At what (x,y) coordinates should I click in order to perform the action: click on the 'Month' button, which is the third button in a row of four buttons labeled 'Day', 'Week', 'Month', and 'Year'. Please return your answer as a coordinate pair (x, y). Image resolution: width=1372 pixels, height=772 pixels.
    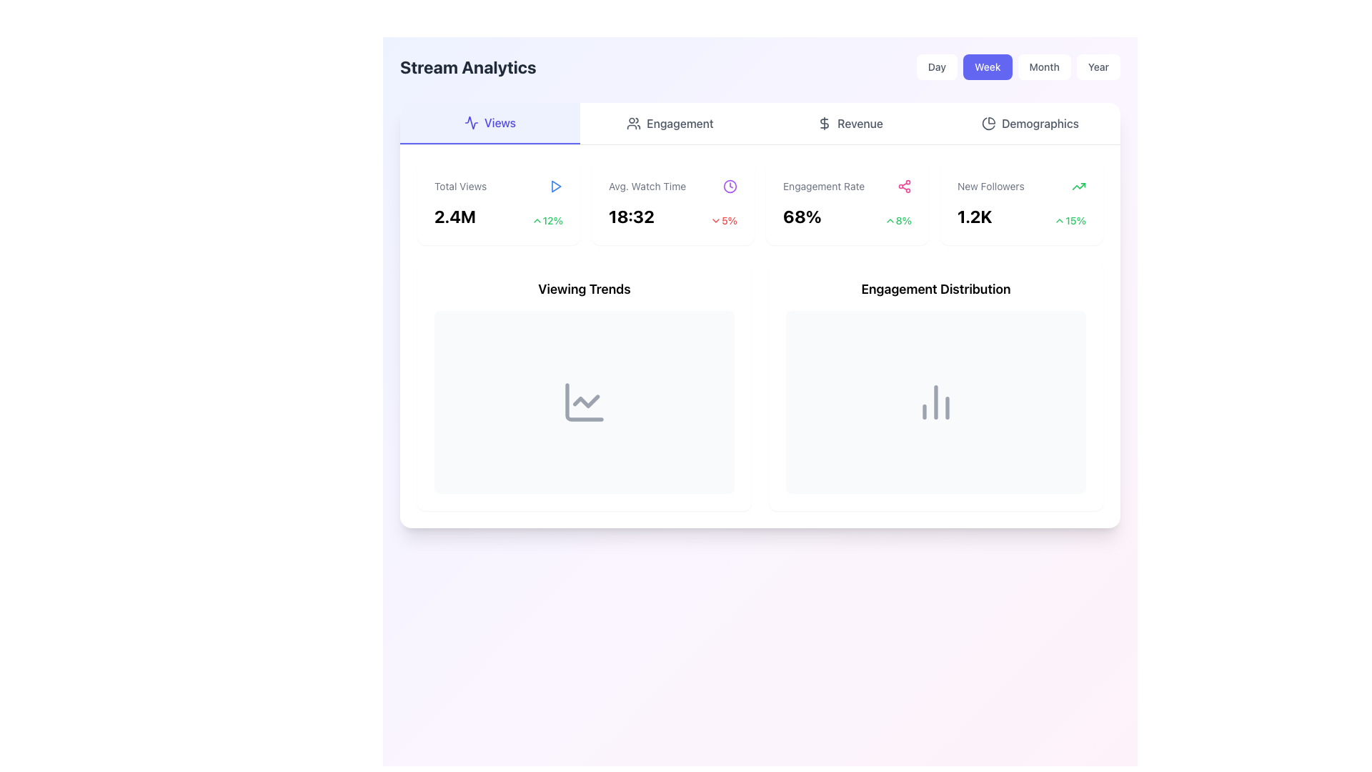
    Looking at the image, I should click on (1044, 66).